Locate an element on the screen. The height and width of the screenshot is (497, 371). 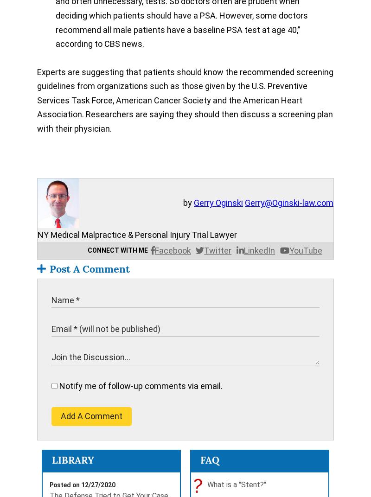
'Experts are suggesting that patients should know the recommended screening guidelines from organizations such as those given by the U.S. Preventive Services Task Force, American Cancer Society and the American Heart Association. Researchers are saying they should then discuss a screening plan with their physician.' is located at coordinates (37, 100).